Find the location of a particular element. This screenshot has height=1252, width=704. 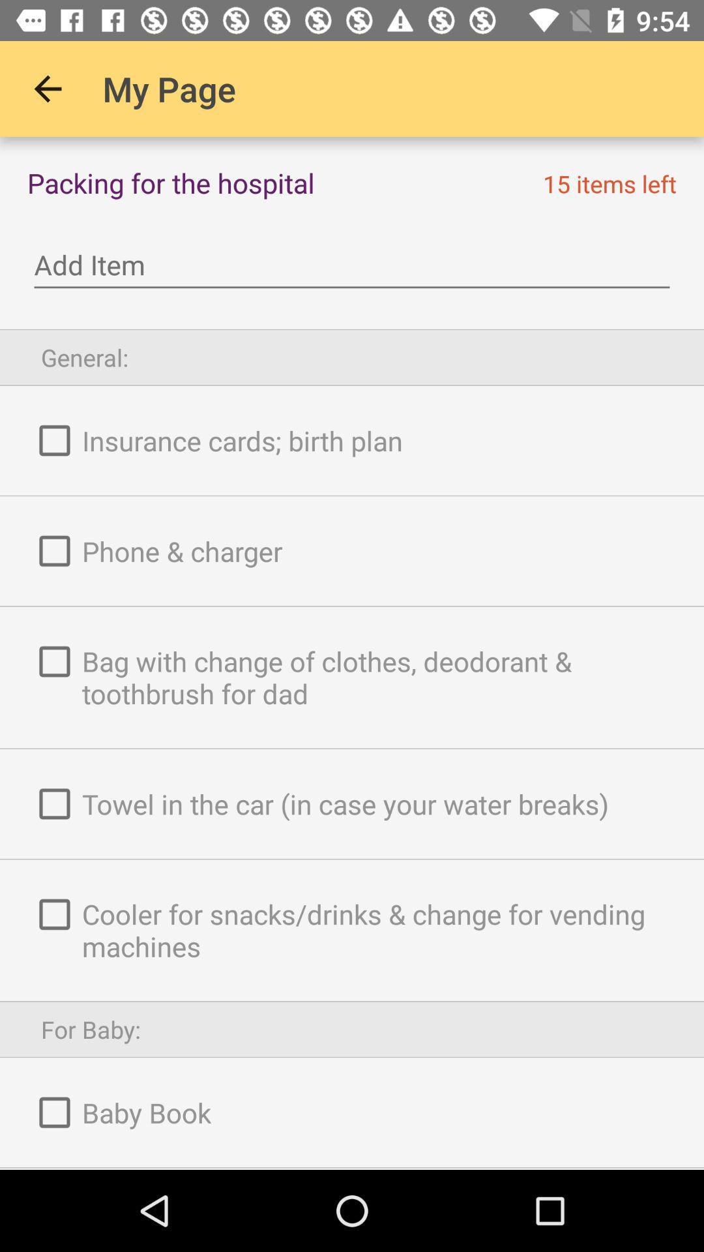

the third check box is located at coordinates (54, 661).